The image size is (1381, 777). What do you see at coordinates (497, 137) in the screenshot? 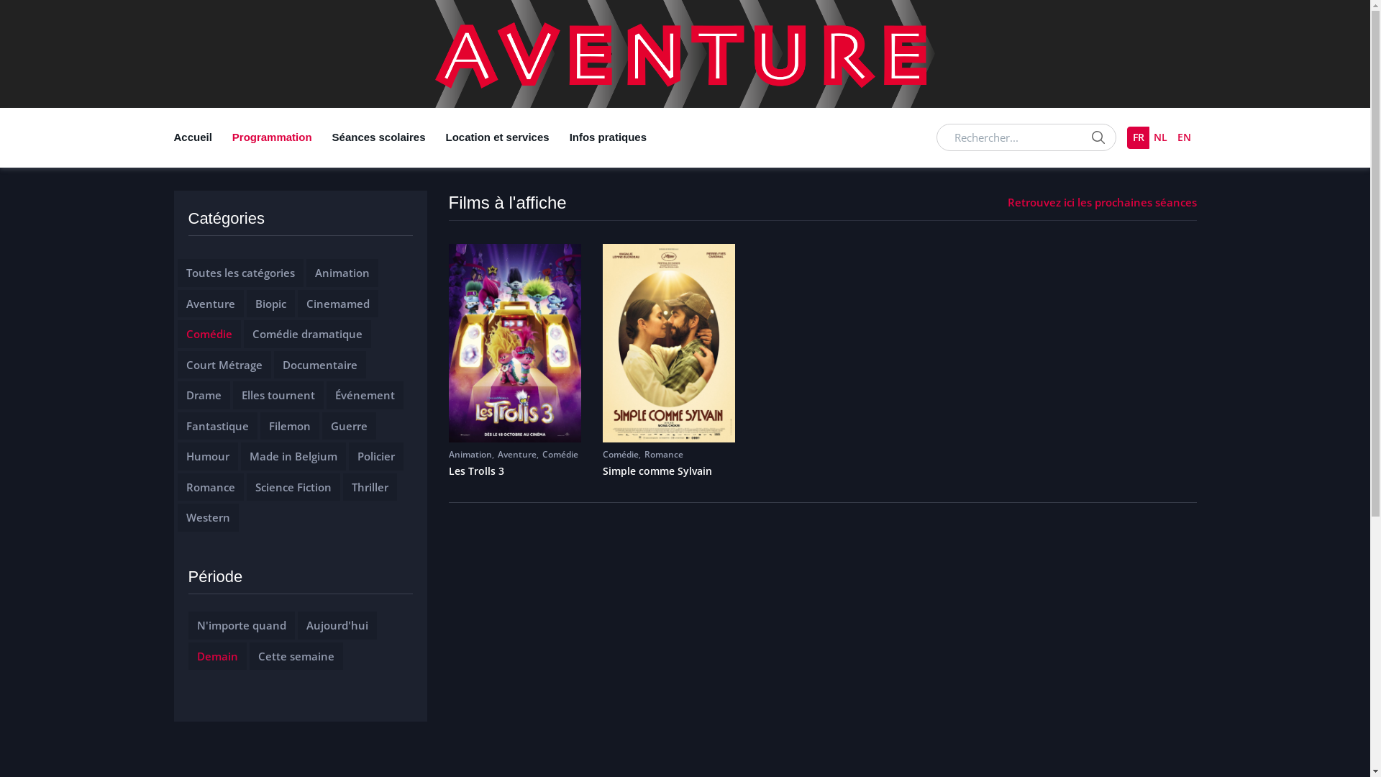
I see `'Location et services'` at bounding box center [497, 137].